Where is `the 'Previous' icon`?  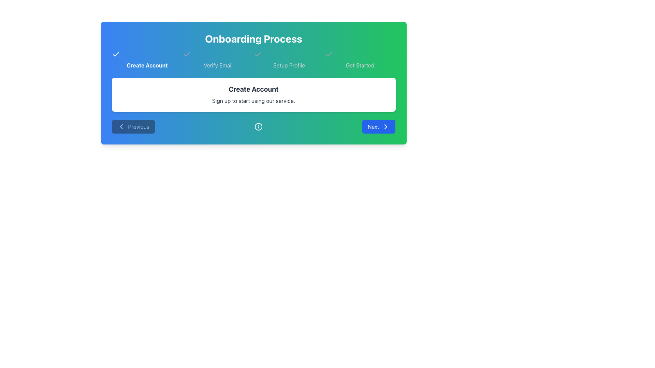 the 'Previous' icon is located at coordinates (121, 126).